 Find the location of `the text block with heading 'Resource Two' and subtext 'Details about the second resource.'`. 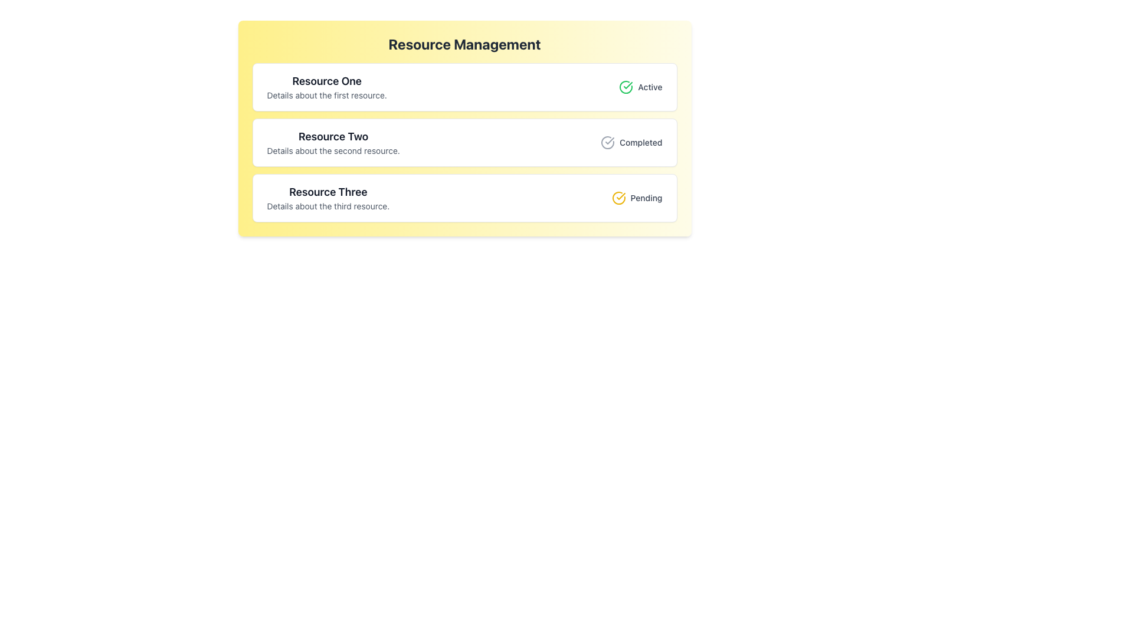

the text block with heading 'Resource Two' and subtext 'Details about the second resource.' is located at coordinates (333, 142).